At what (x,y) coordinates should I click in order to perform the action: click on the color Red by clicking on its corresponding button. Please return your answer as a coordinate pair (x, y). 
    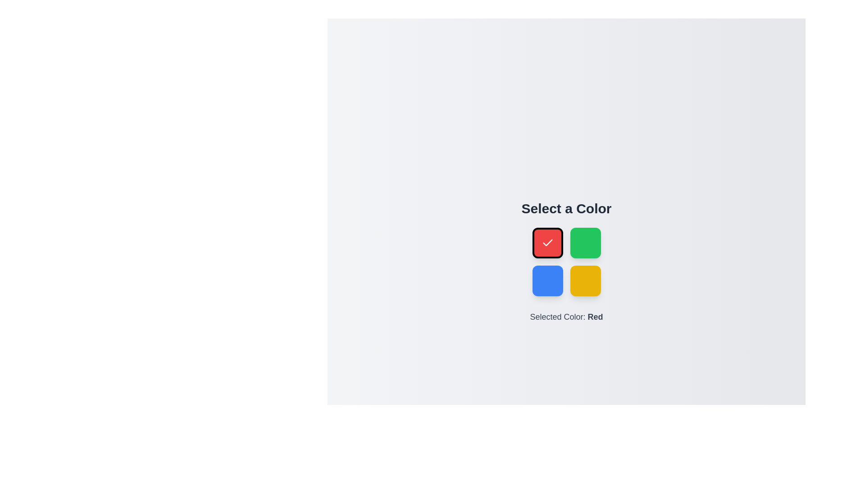
    Looking at the image, I should click on (547, 243).